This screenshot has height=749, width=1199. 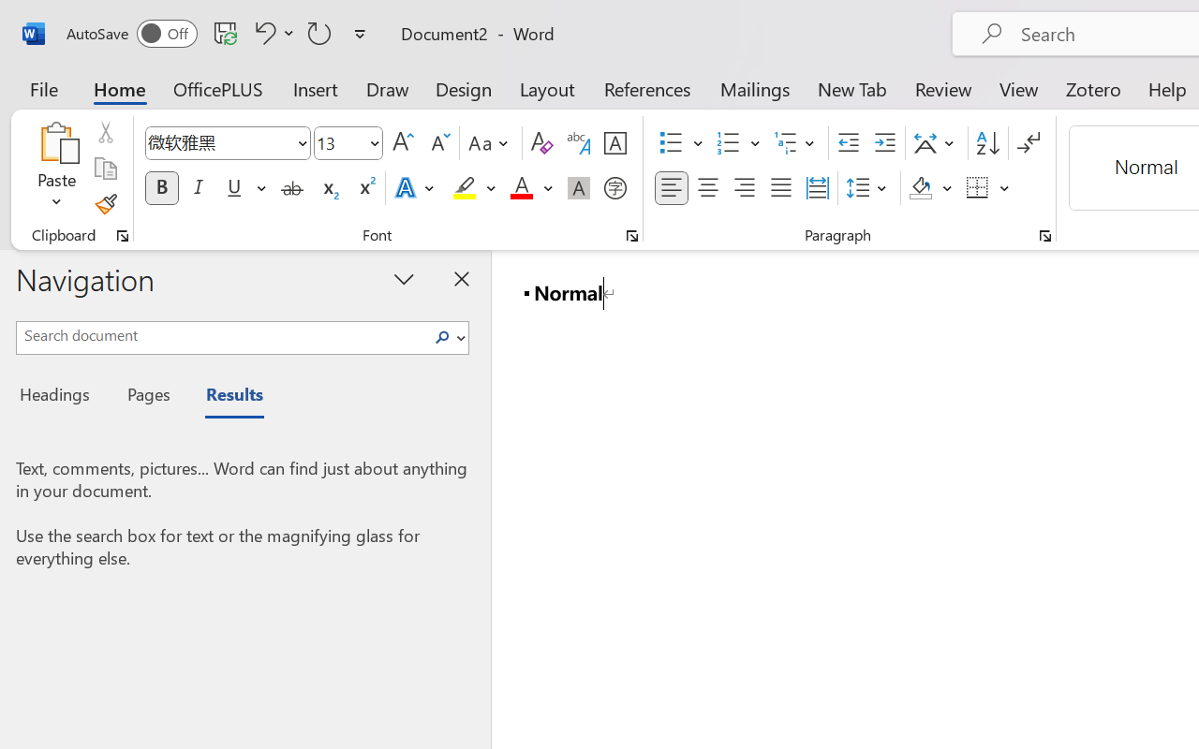 What do you see at coordinates (218, 88) in the screenshot?
I see `'OfficePLUS'` at bounding box center [218, 88].